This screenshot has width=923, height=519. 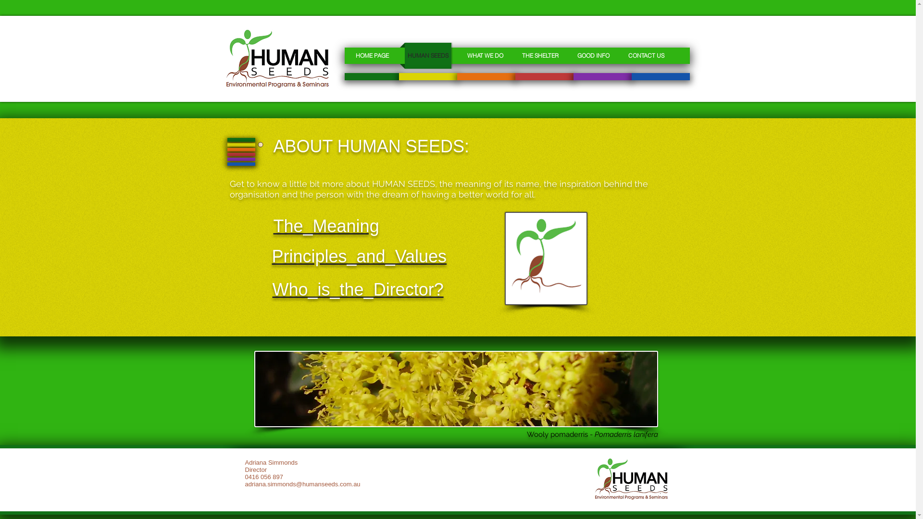 I want to click on 'The_Meaning', so click(x=325, y=226).